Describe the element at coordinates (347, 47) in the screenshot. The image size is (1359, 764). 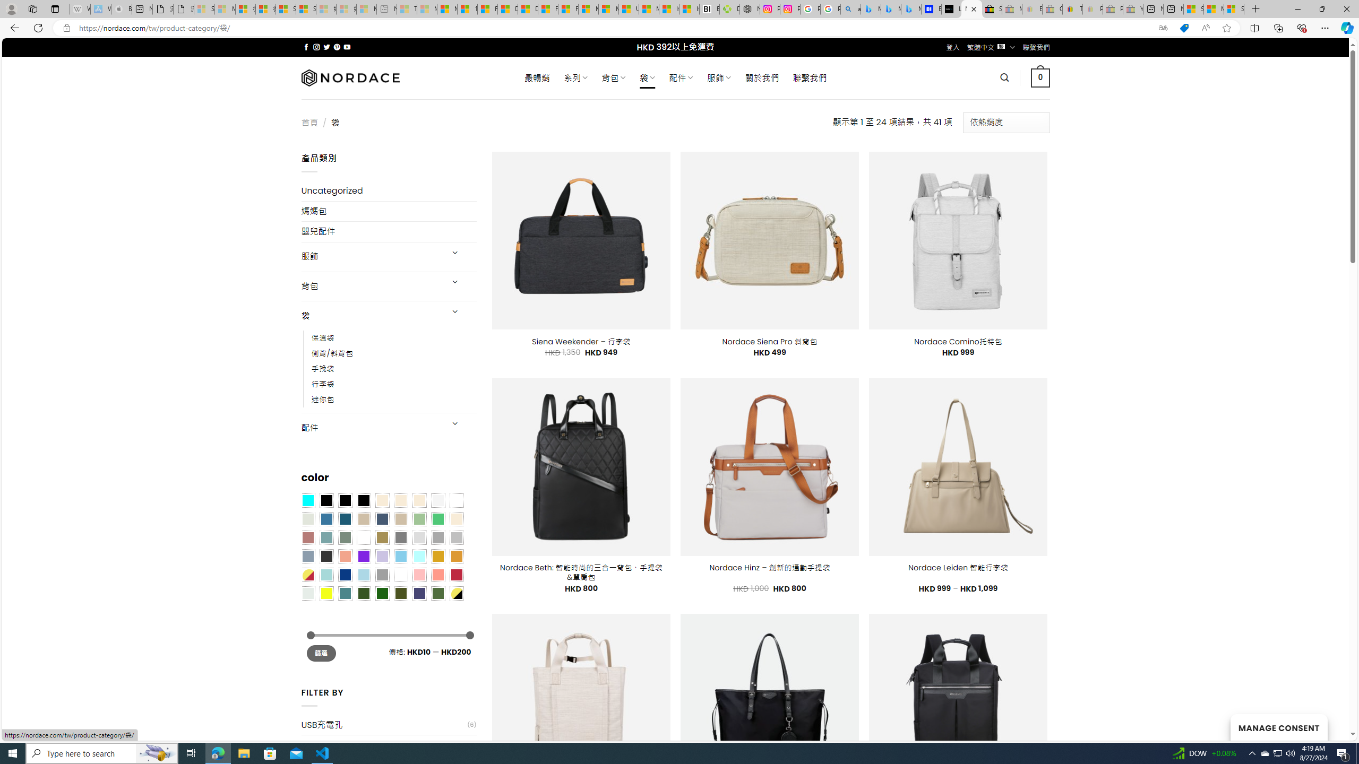
I see `'Follow on YouTube'` at that location.